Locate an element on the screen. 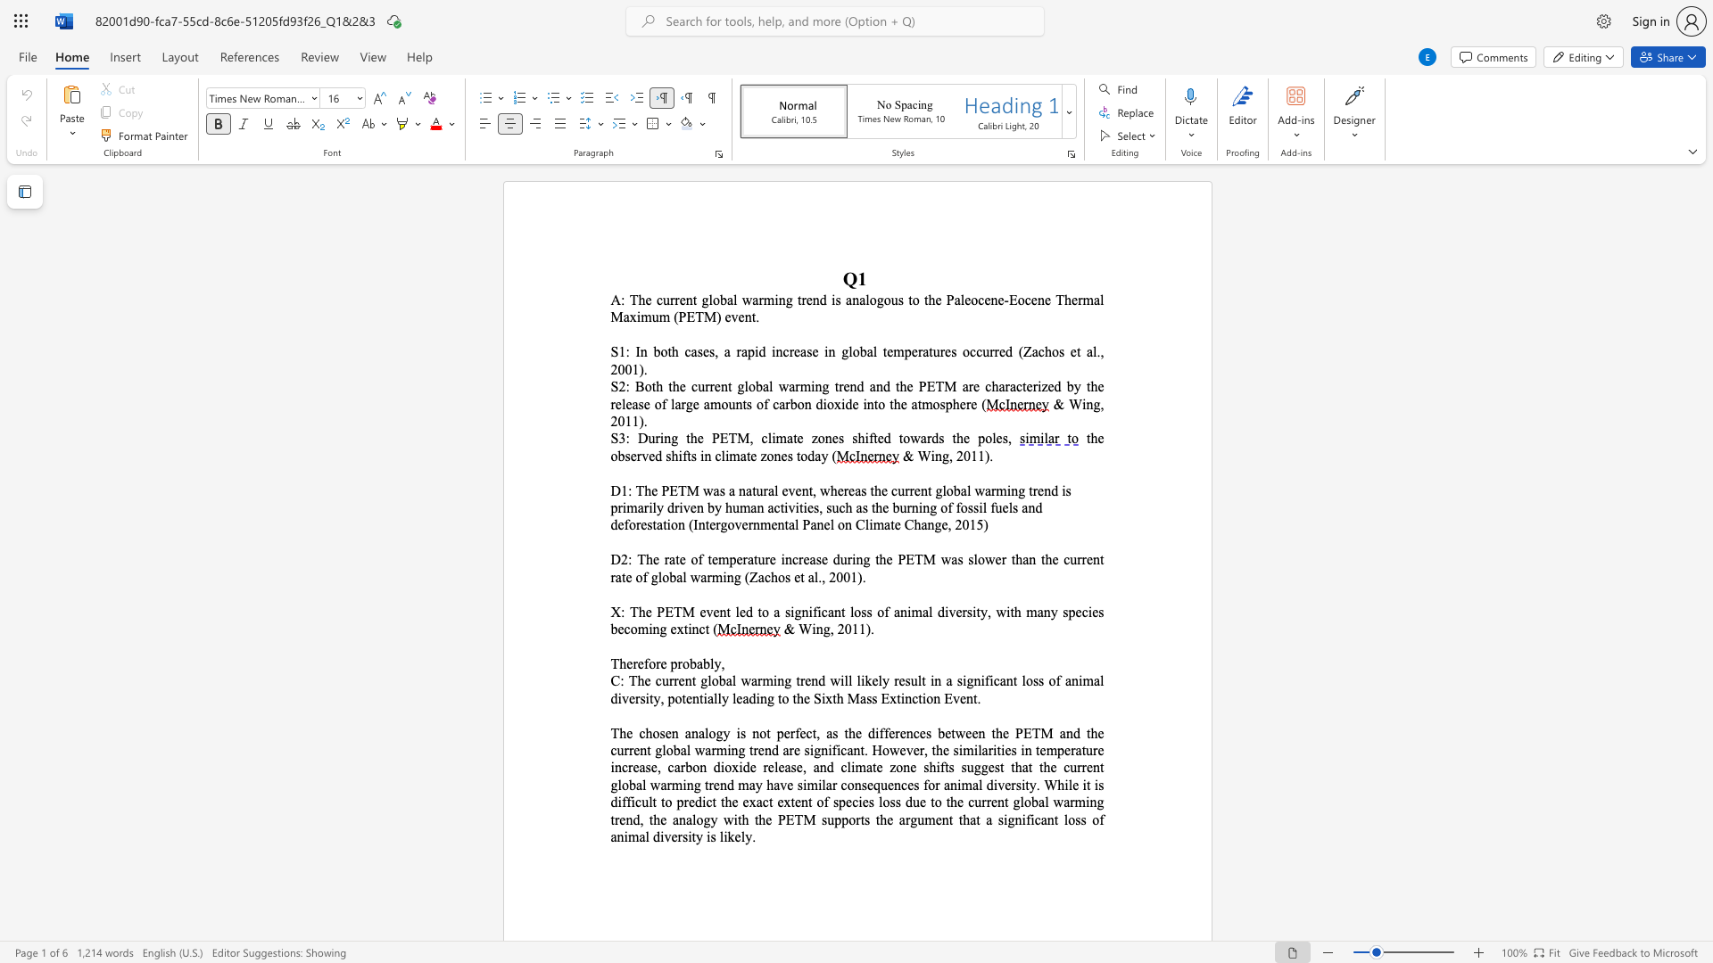 The image size is (1713, 963). the subset text "ge amou" within the text "large amounts" is located at coordinates (684, 404).